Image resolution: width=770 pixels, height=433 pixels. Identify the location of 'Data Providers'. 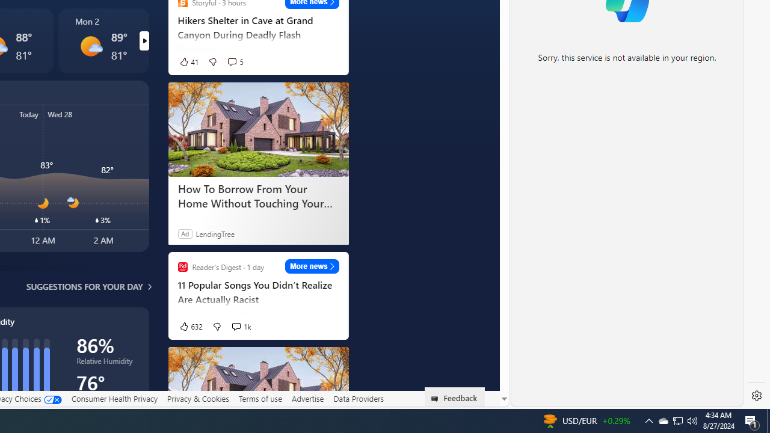
(357, 399).